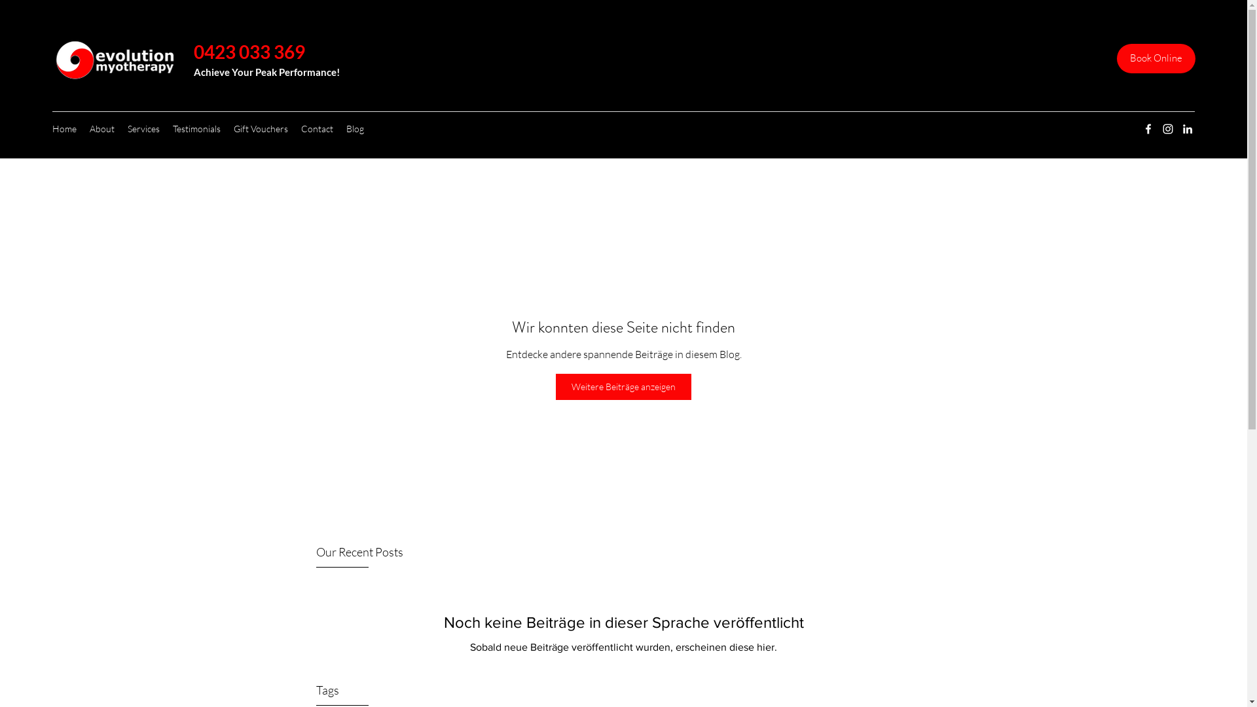  I want to click on 'Book Online', so click(1156, 58).